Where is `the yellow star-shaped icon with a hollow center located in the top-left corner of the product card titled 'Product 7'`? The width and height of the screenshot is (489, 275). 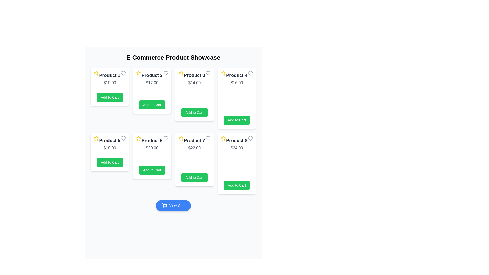
the yellow star-shaped icon with a hollow center located in the top-left corner of the product card titled 'Product 7' is located at coordinates (181, 138).